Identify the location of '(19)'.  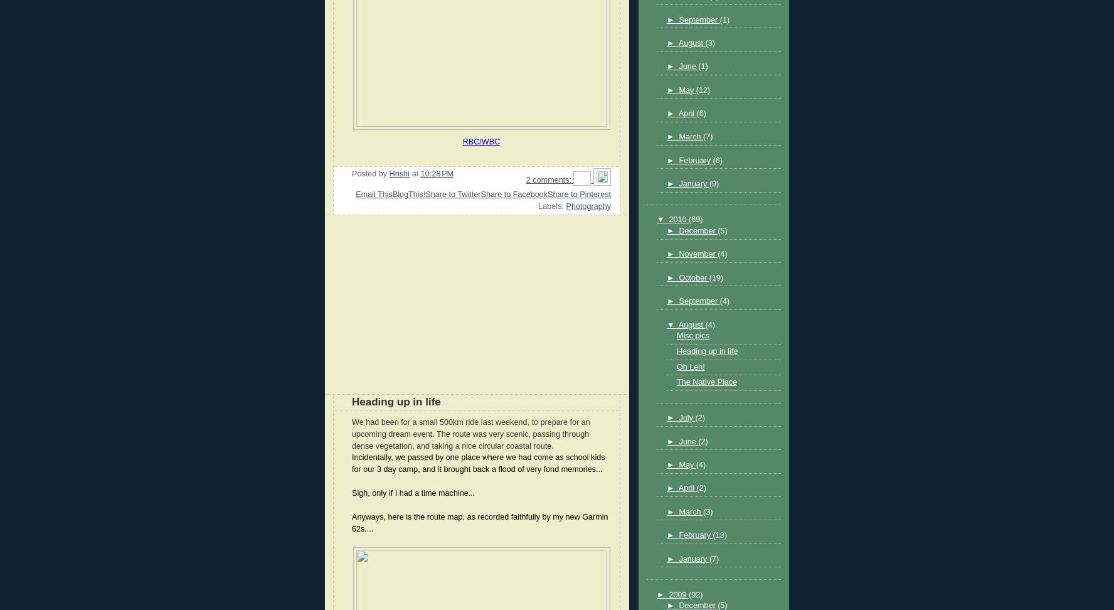
(716, 276).